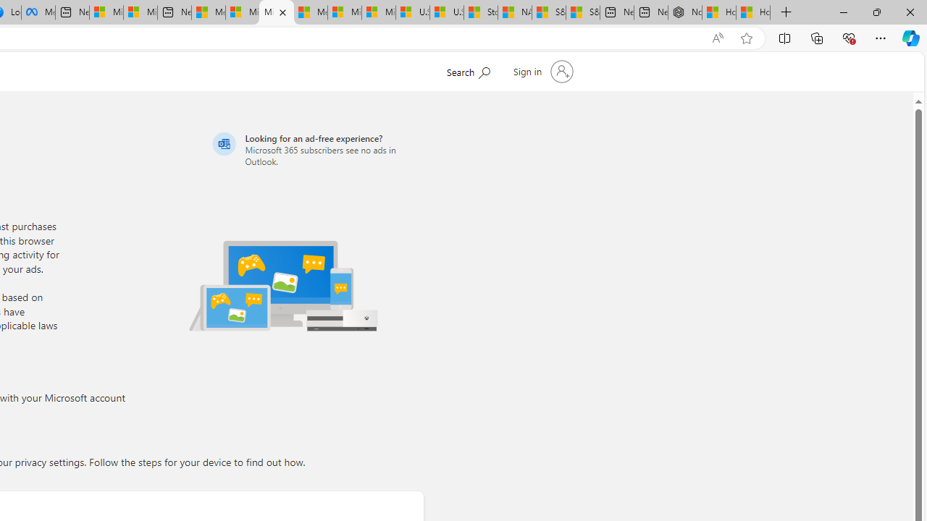 This screenshot has width=927, height=521. I want to click on 'Illustration of multiple devices', so click(283, 285).